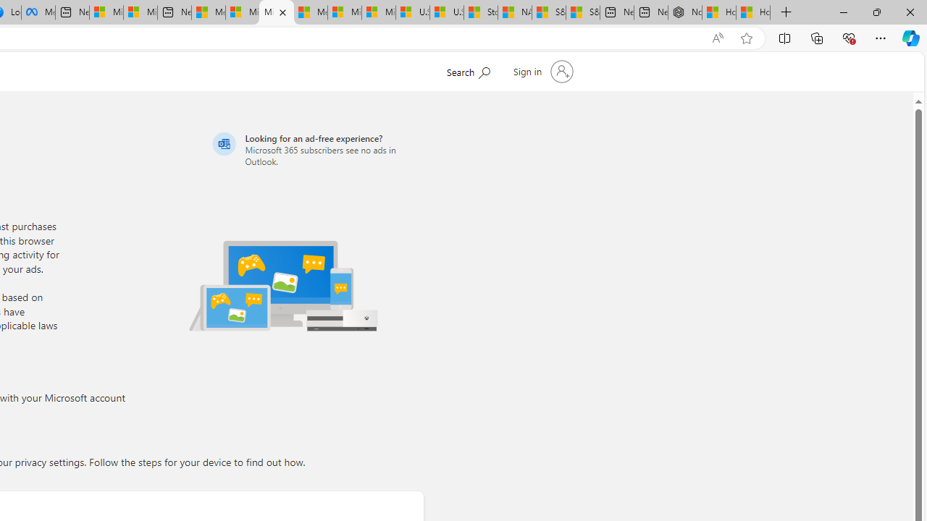 This screenshot has width=927, height=521. I want to click on 'Illustration of multiple devices', so click(283, 285).